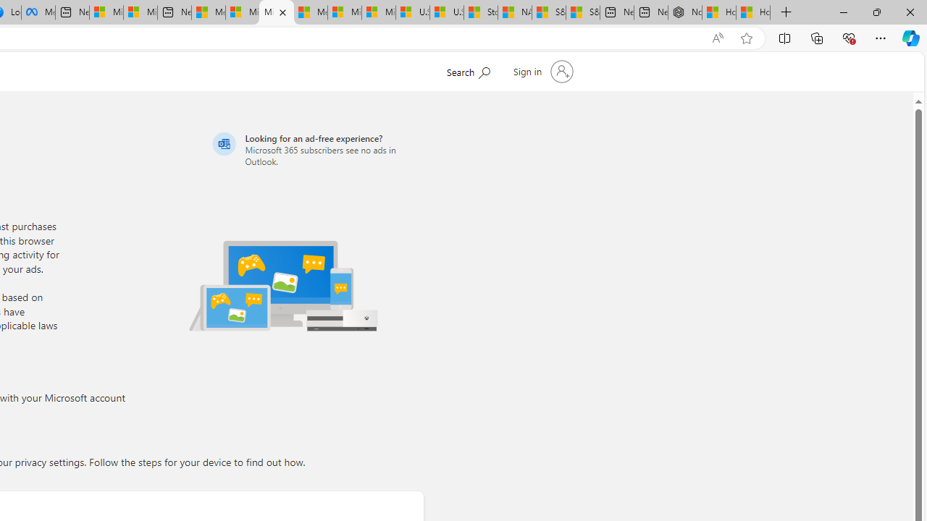 This screenshot has width=927, height=521. I want to click on 'Illustration of multiple devices', so click(283, 285).